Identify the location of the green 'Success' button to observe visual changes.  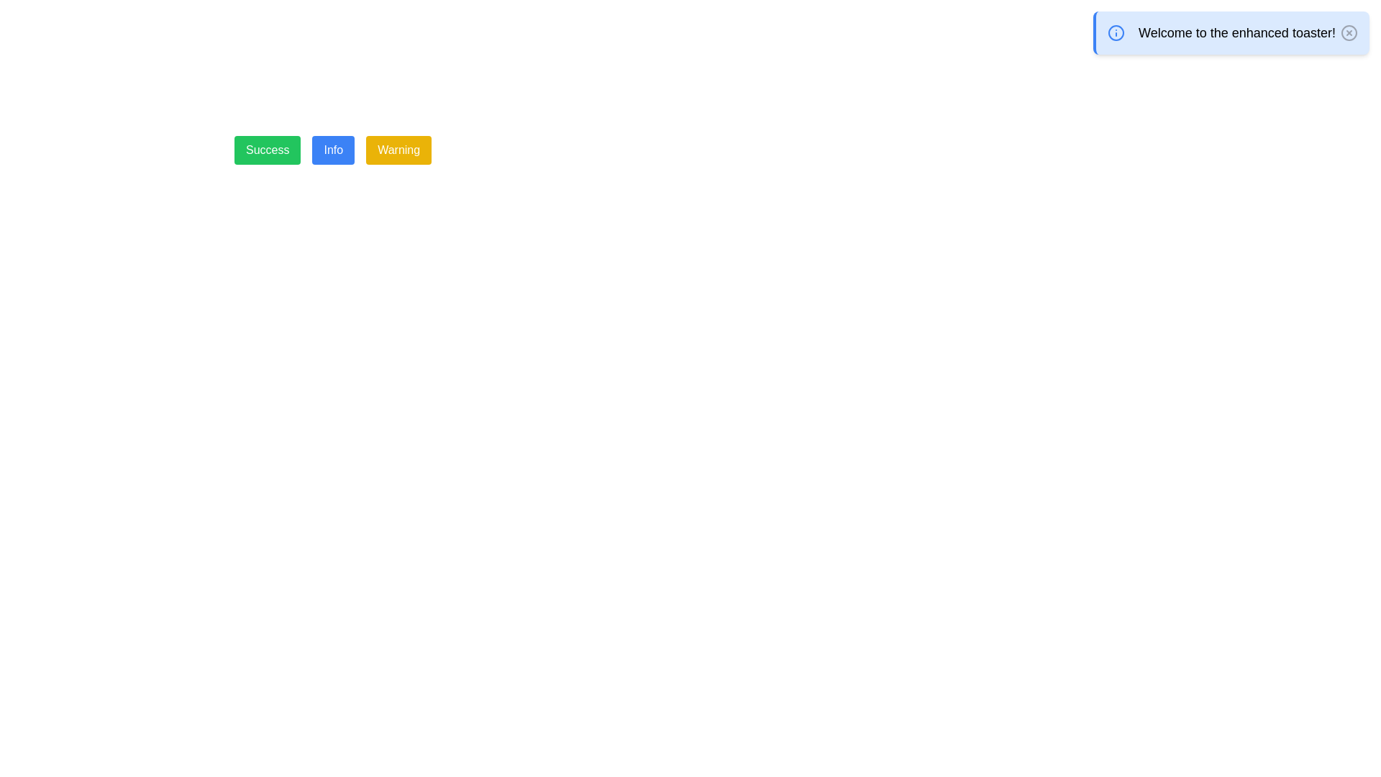
(268, 150).